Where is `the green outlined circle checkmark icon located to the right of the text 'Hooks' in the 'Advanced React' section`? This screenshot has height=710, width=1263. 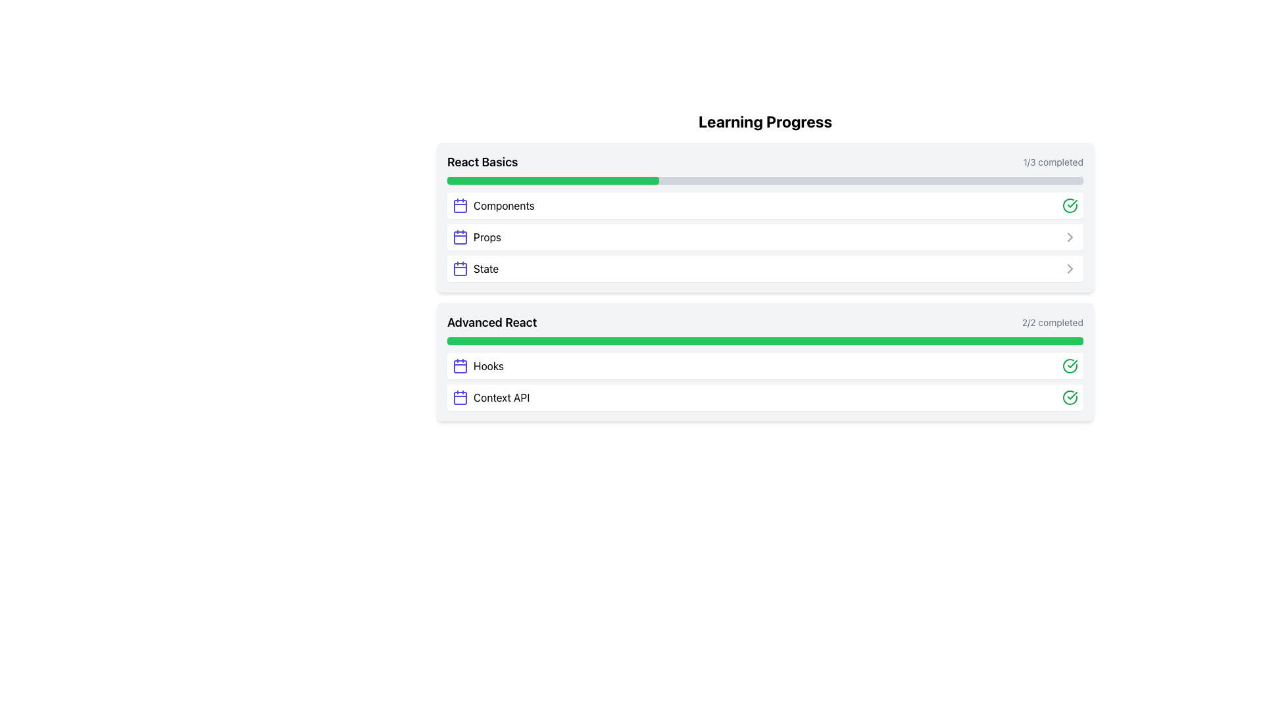 the green outlined circle checkmark icon located to the right of the text 'Hooks' in the 'Advanced React' section is located at coordinates (1070, 366).